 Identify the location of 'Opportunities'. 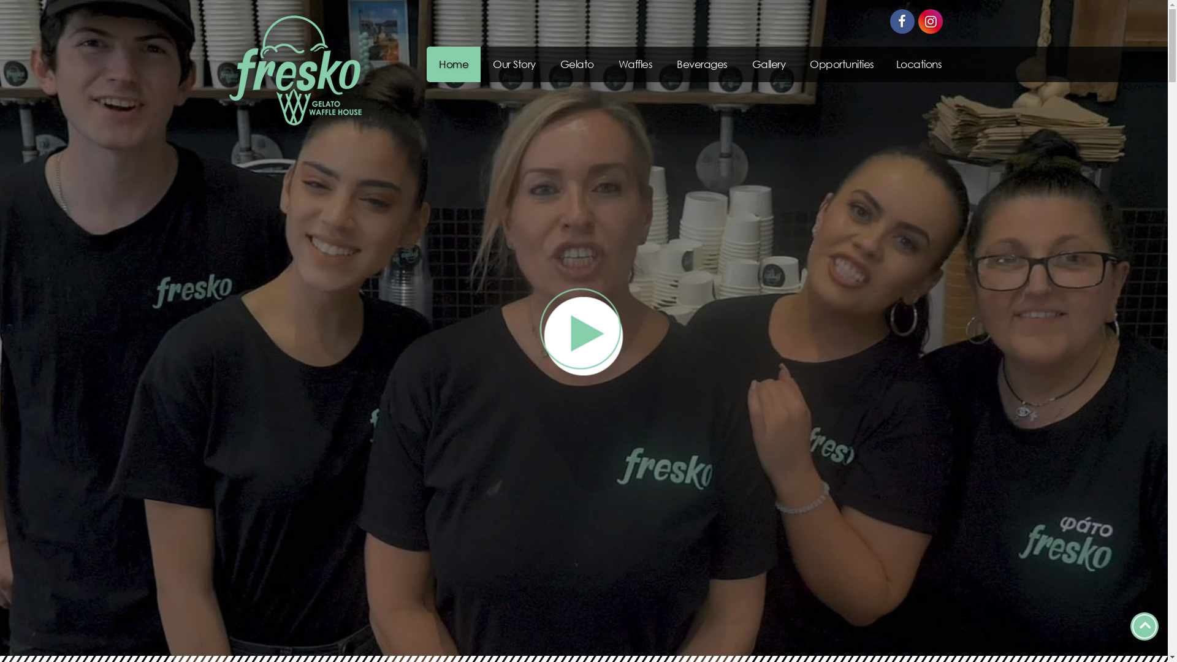
(841, 64).